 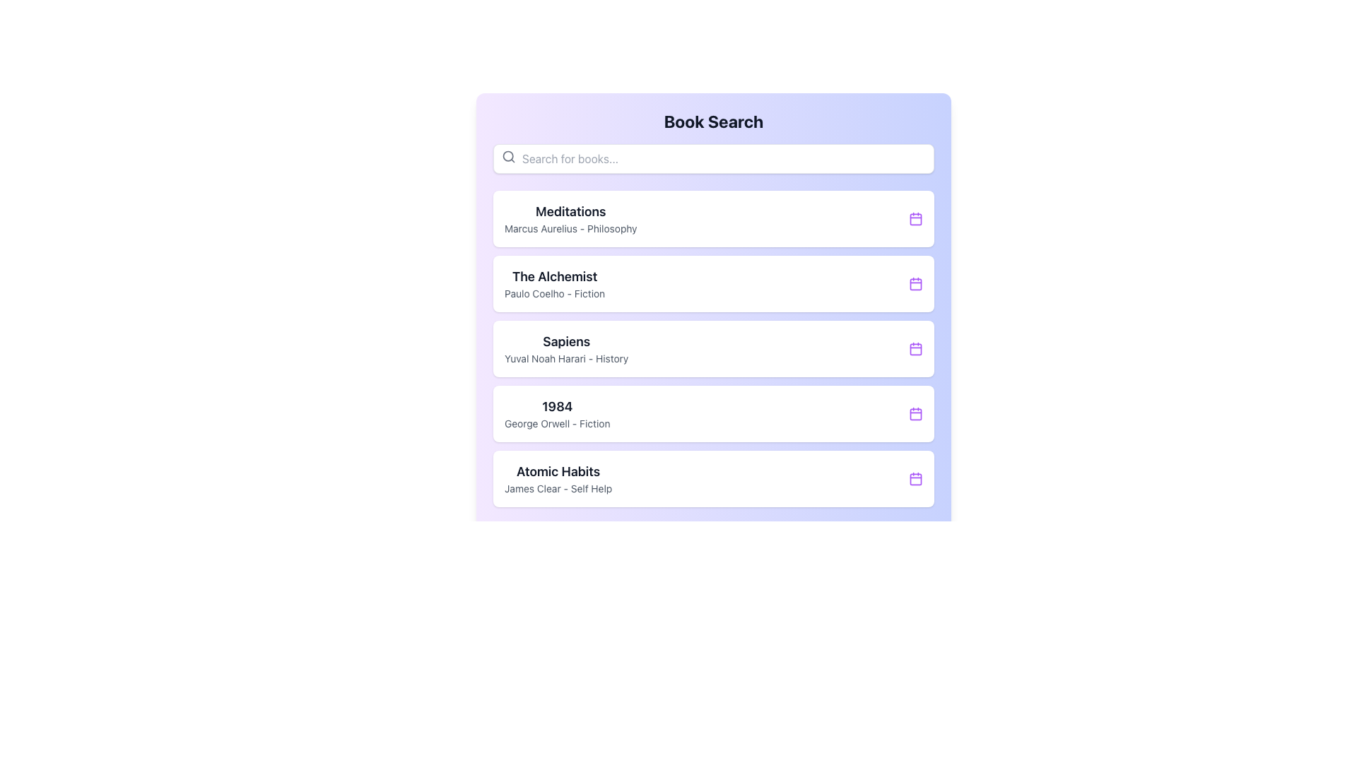 What do you see at coordinates (916, 478) in the screenshot?
I see `the calendar icon, which is a rounded rectangle with a red border and white background, positioned next to the 'Atomic Habits' book entry` at bounding box center [916, 478].